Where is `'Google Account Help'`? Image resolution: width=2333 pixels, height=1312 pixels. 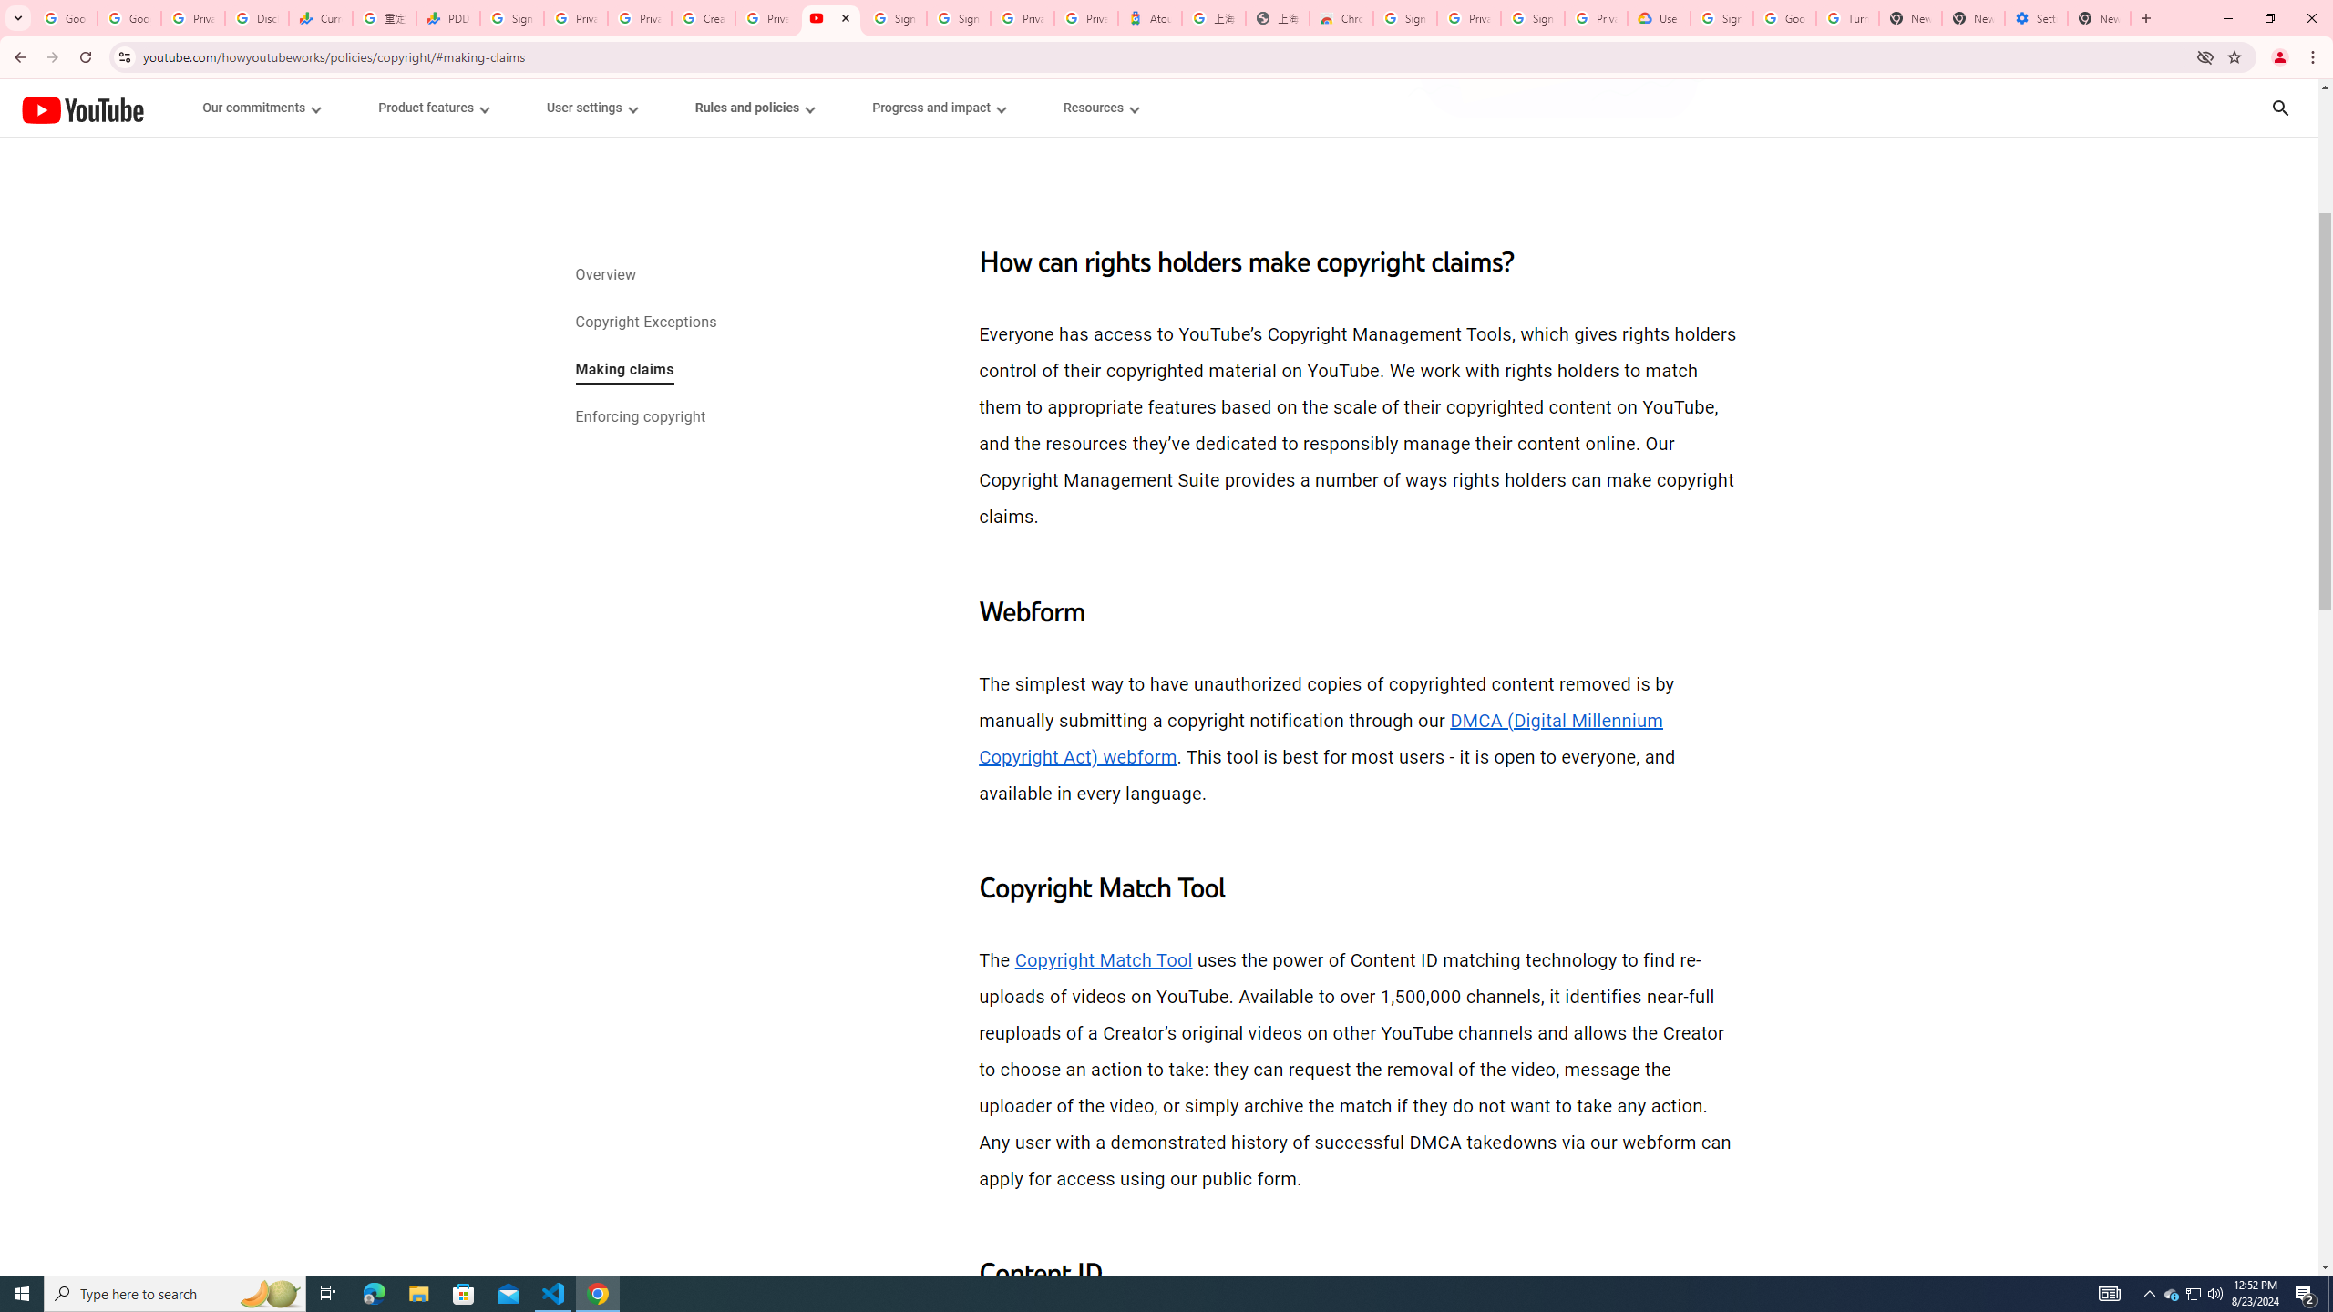 'Google Account Help' is located at coordinates (1783, 17).